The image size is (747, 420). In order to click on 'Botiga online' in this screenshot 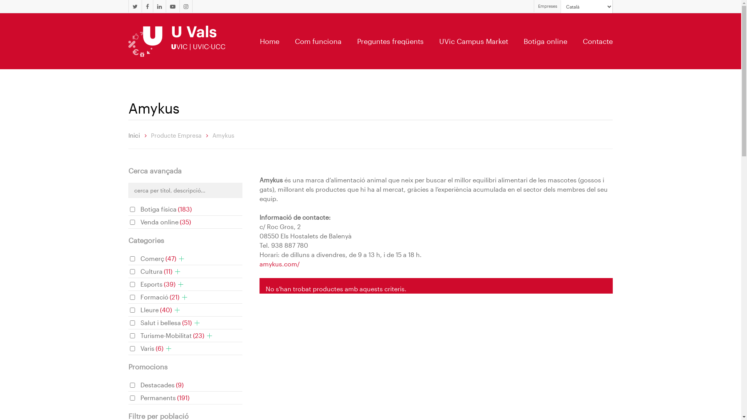, I will do `click(545, 41)`.